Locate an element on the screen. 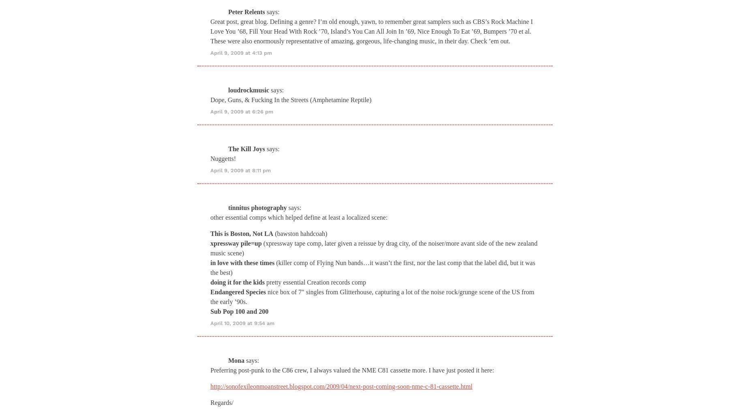 The width and height of the screenshot is (750, 411). 'This is Boston, Not LA' is located at coordinates (242, 233).